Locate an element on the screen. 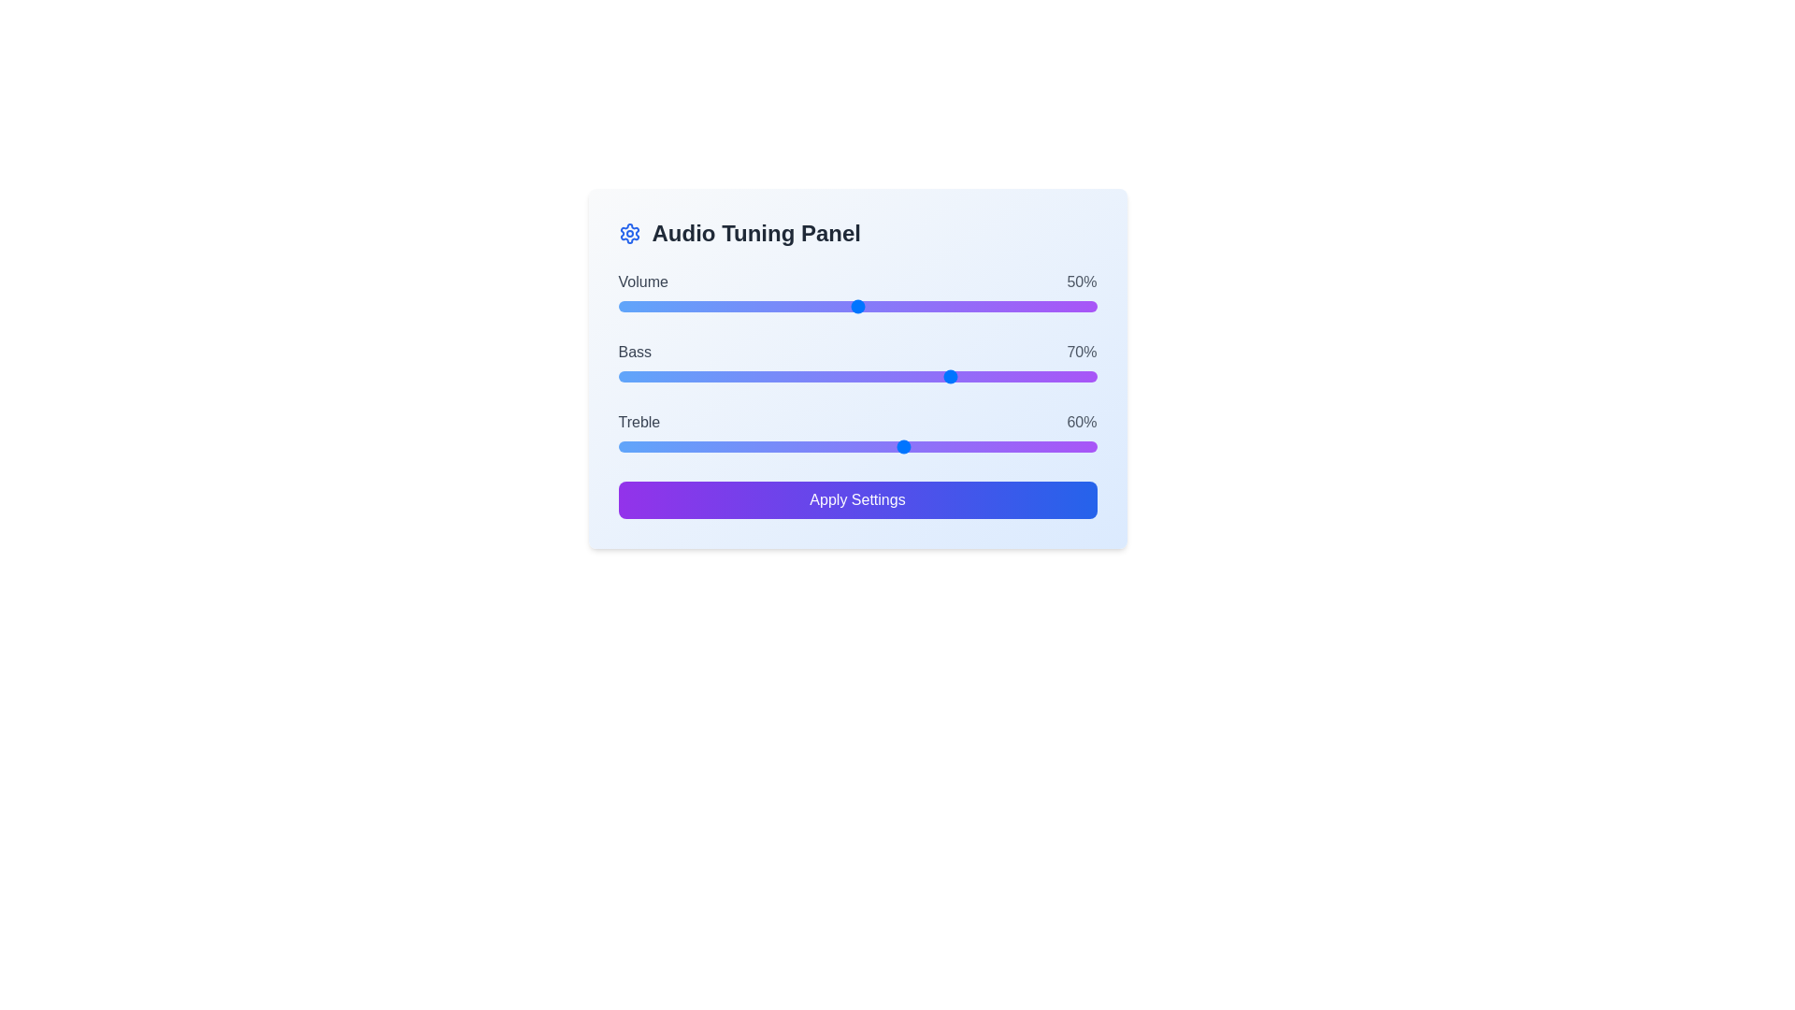 The image size is (1795, 1010). the volume slider is located at coordinates (995, 305).